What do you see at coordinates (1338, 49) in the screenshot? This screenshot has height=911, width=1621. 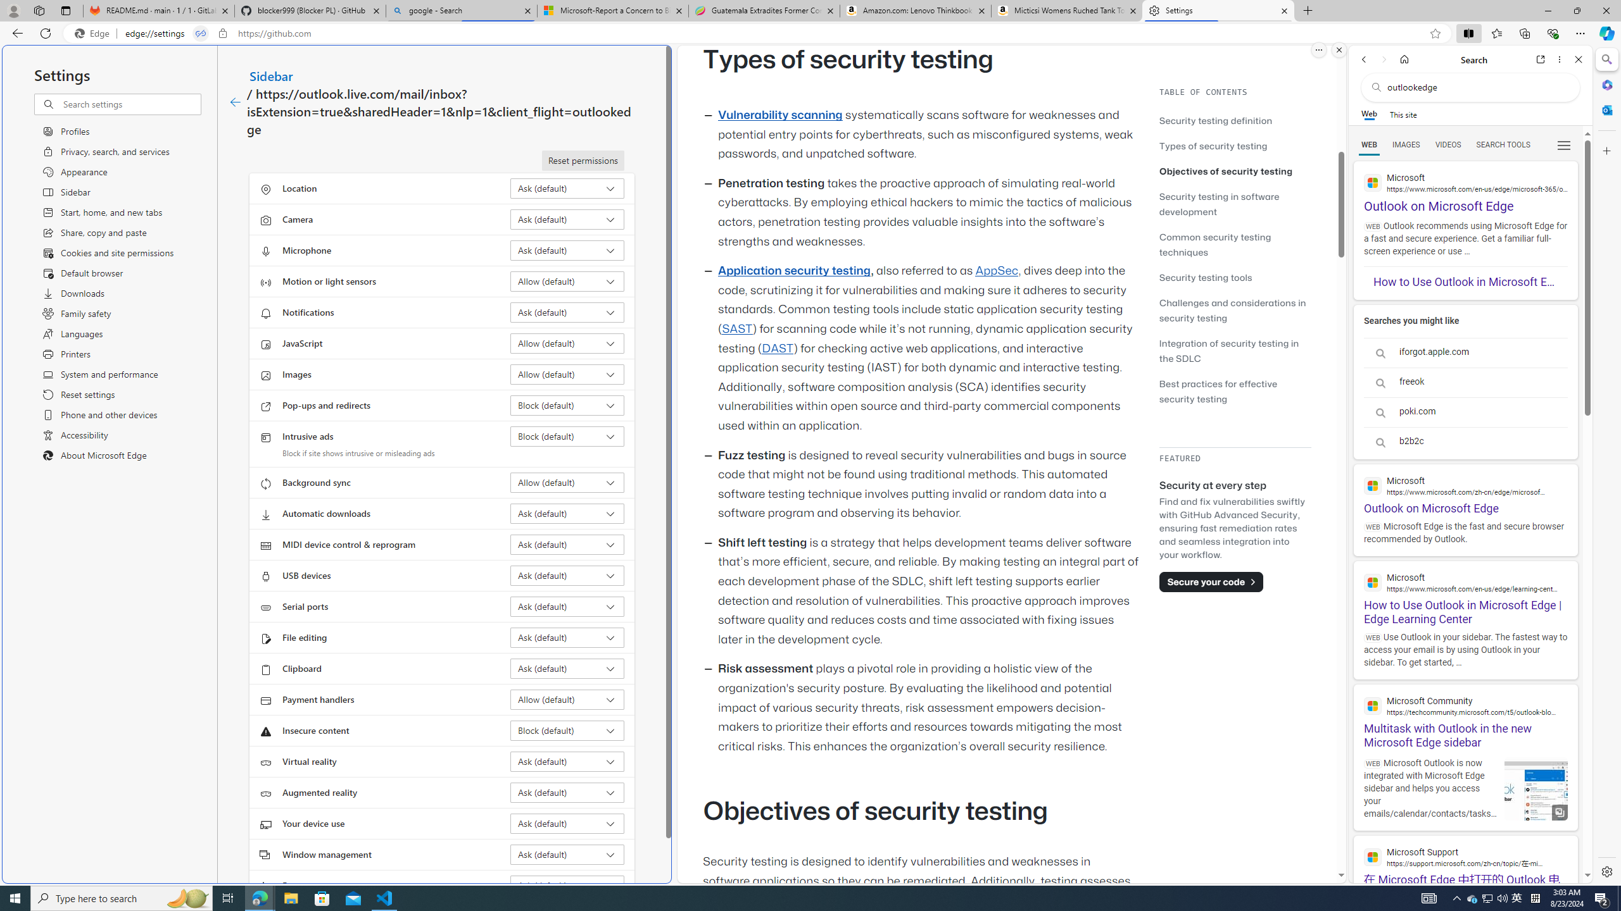 I see `'Close split screen.'` at bounding box center [1338, 49].